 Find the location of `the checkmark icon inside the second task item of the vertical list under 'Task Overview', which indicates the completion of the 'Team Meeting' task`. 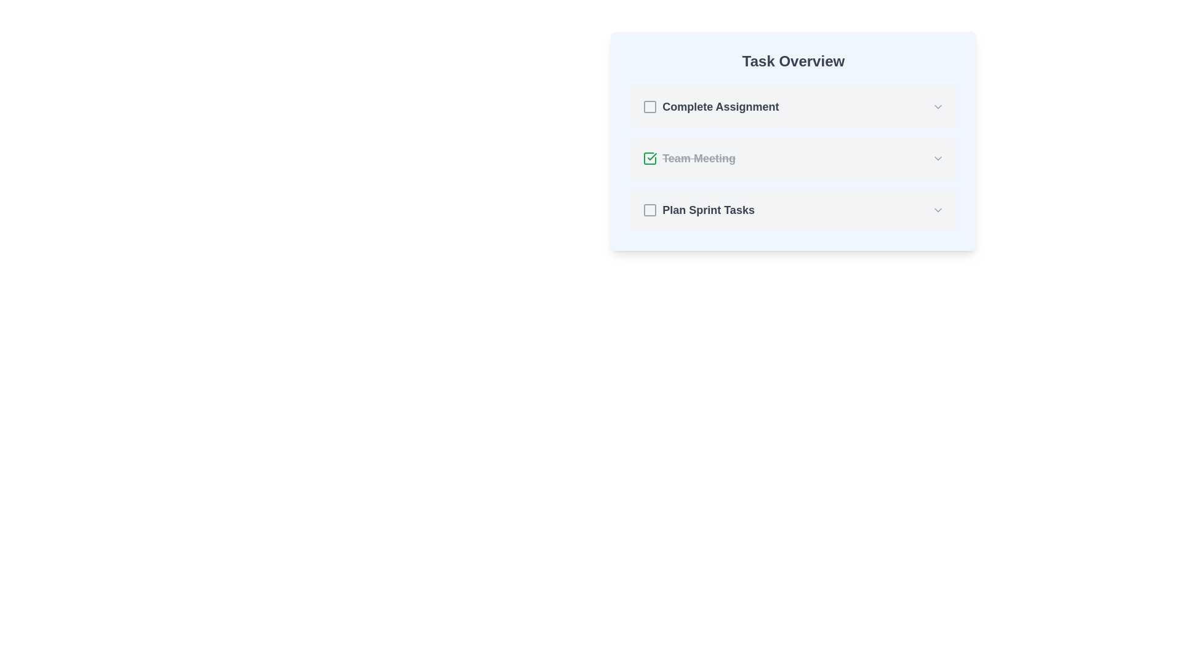

the checkmark icon inside the second task item of the vertical list under 'Task Overview', which indicates the completion of the 'Team Meeting' task is located at coordinates (649, 158).